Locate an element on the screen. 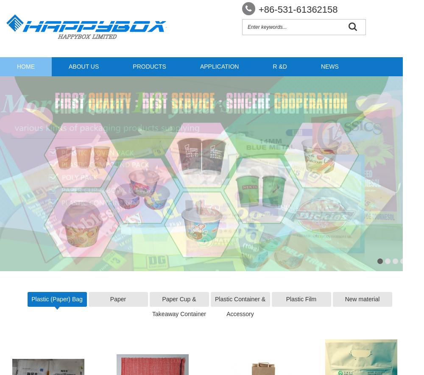 This screenshot has height=375, width=424. 'R &D' is located at coordinates (279, 66).